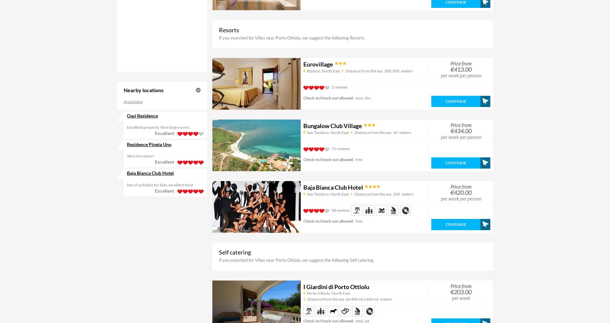 This screenshot has height=323, width=610. What do you see at coordinates (461, 192) in the screenshot?
I see `'€420.00'` at bounding box center [461, 192].